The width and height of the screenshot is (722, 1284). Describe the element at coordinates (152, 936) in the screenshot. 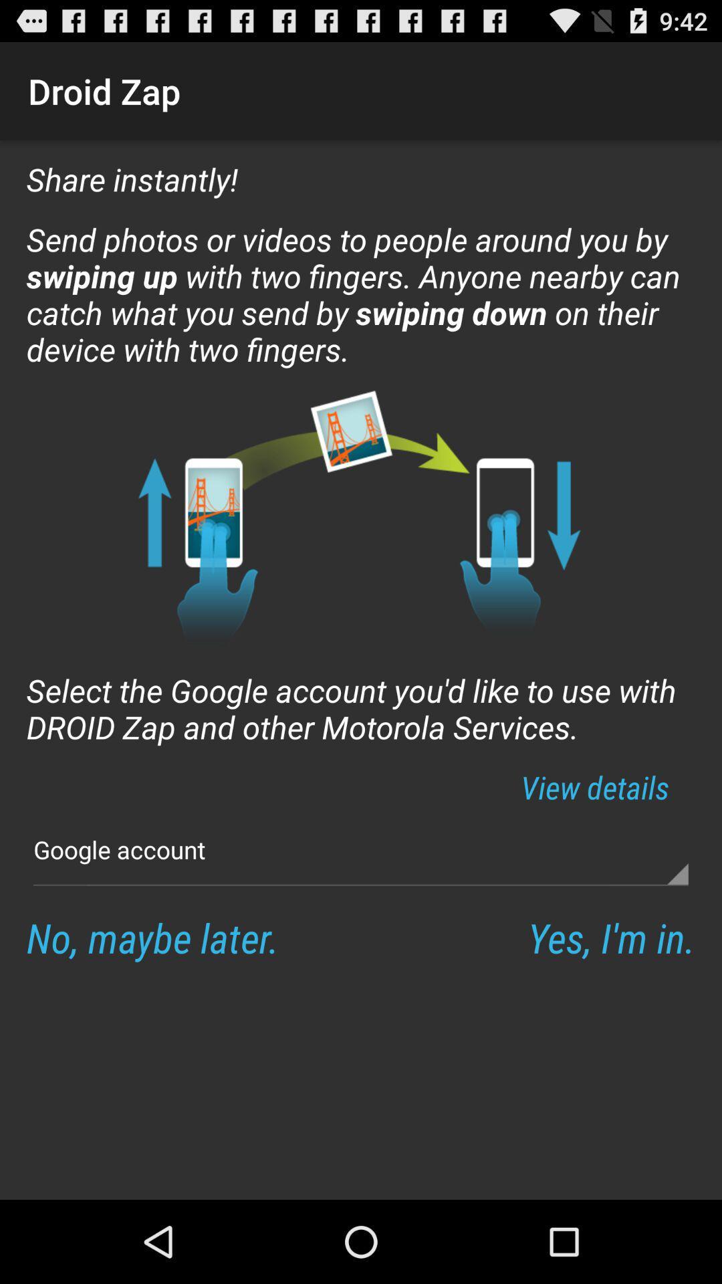

I see `no, maybe later. icon` at that location.